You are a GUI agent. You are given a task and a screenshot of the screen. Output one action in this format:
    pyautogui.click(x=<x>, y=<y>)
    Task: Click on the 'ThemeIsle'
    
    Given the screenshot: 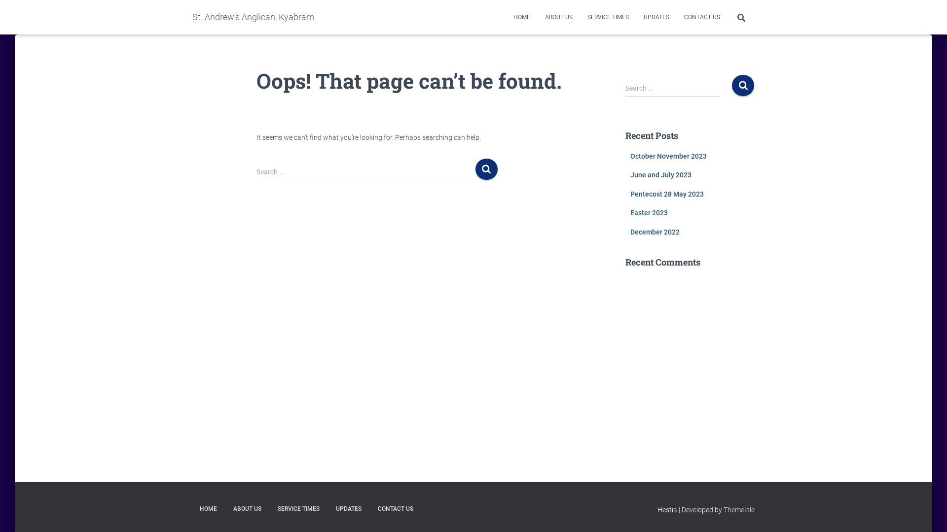 What is the action you would take?
    pyautogui.click(x=724, y=509)
    